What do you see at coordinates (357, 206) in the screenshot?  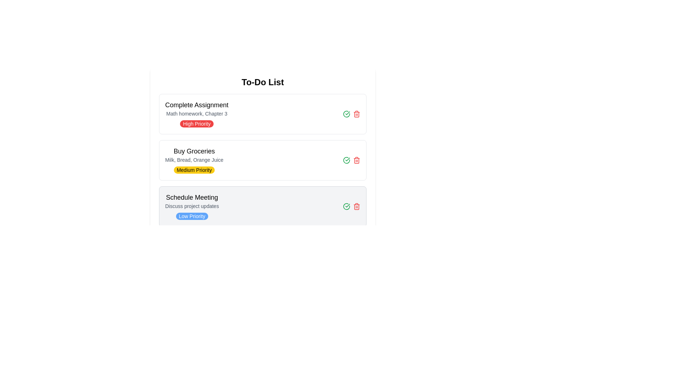 I see `the red trash can icon located at the far-right end of the to-do list item` at bounding box center [357, 206].